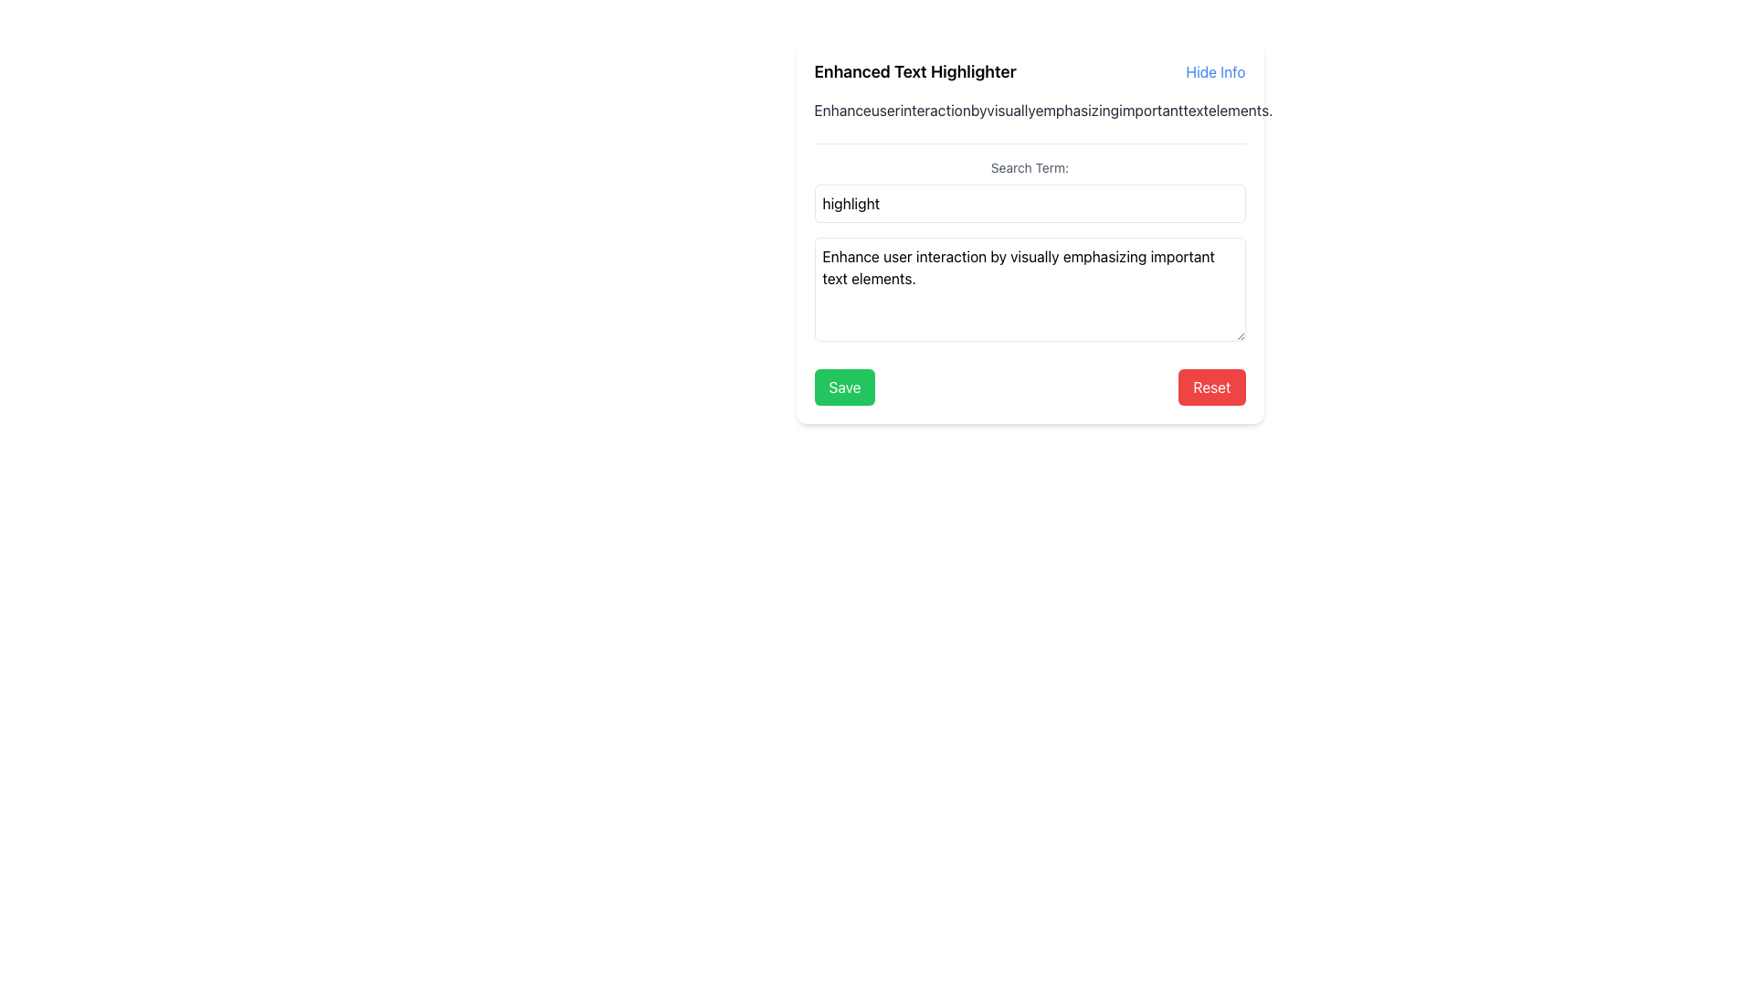  I want to click on emphasized keyword 'Enhance' which is the first word in the sentence located near the top left region of the interface, so click(841, 110).